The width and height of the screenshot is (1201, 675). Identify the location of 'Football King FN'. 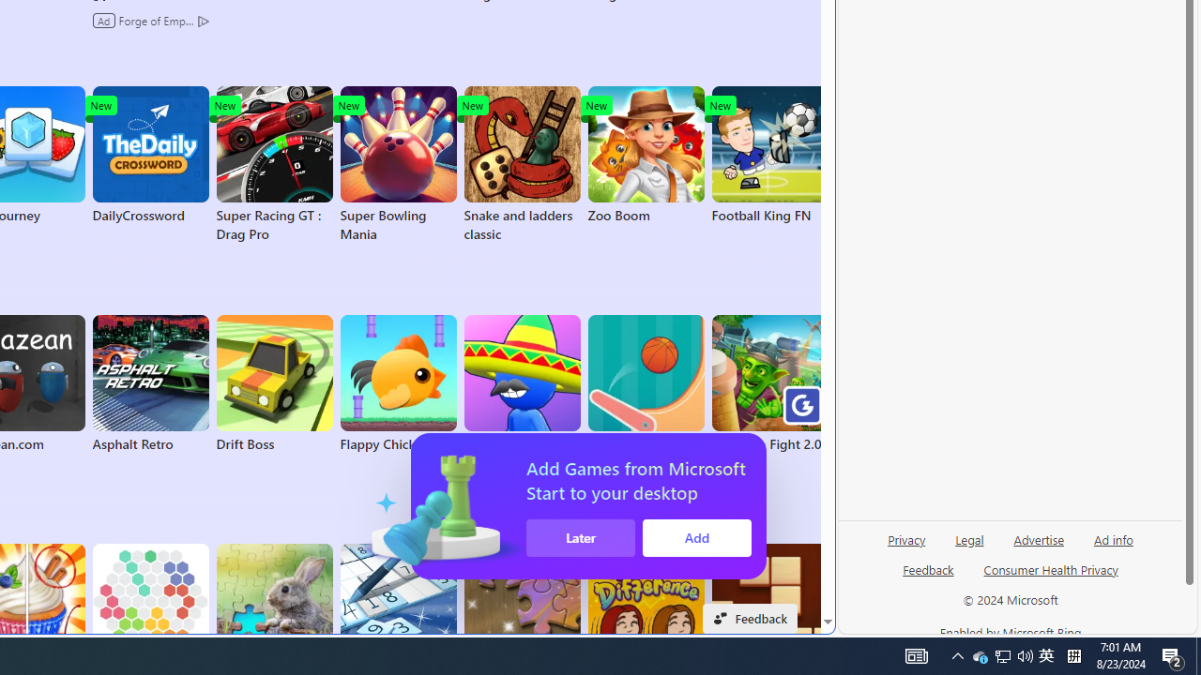
(769, 154).